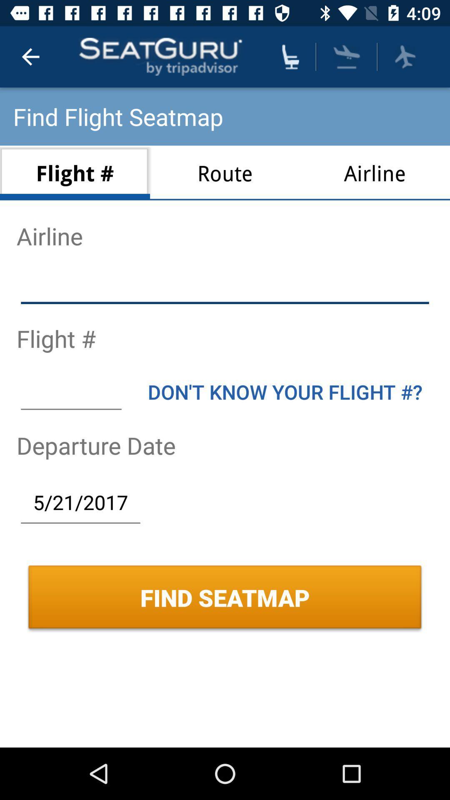 The height and width of the screenshot is (800, 450). What do you see at coordinates (225, 287) in the screenshot?
I see `airline here` at bounding box center [225, 287].